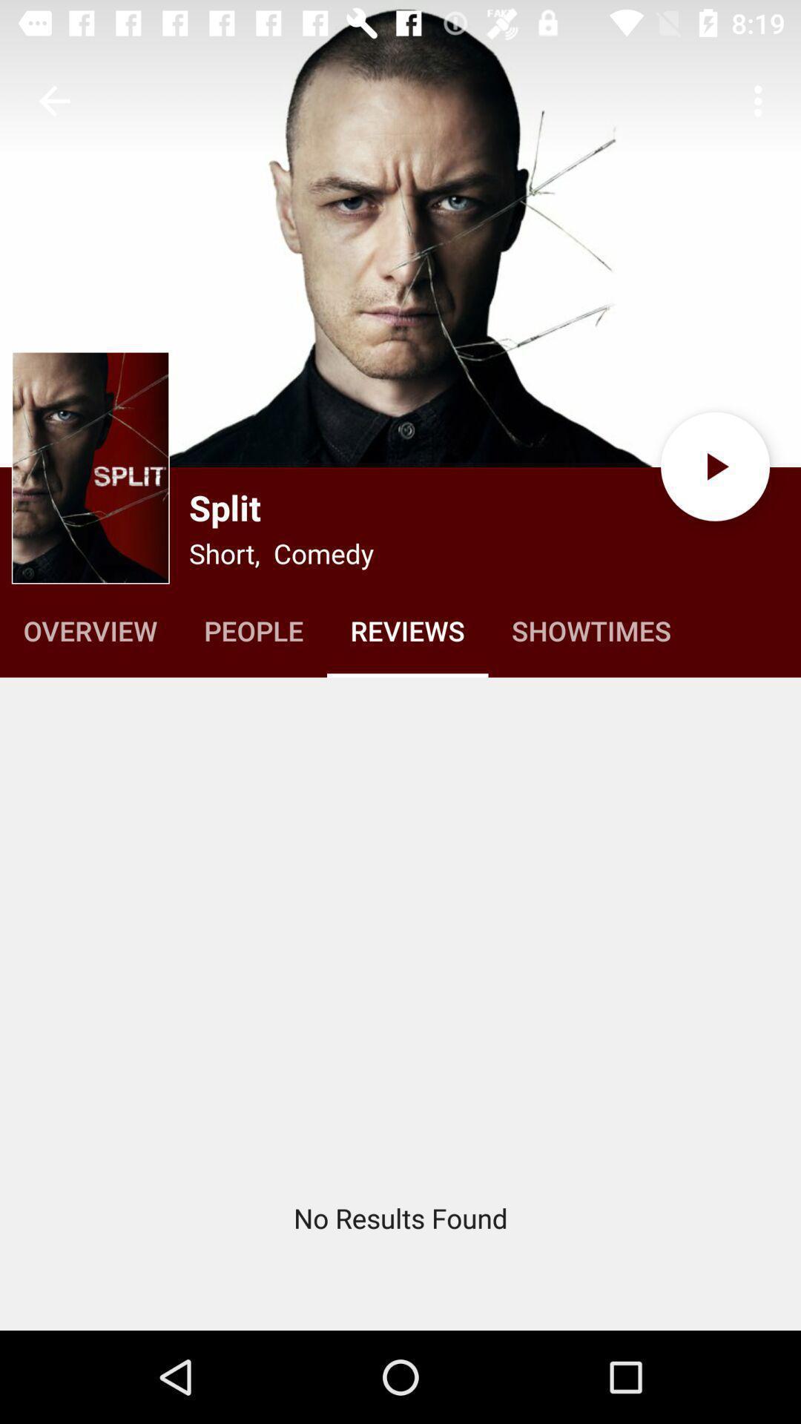  What do you see at coordinates (714, 466) in the screenshot?
I see `option` at bounding box center [714, 466].